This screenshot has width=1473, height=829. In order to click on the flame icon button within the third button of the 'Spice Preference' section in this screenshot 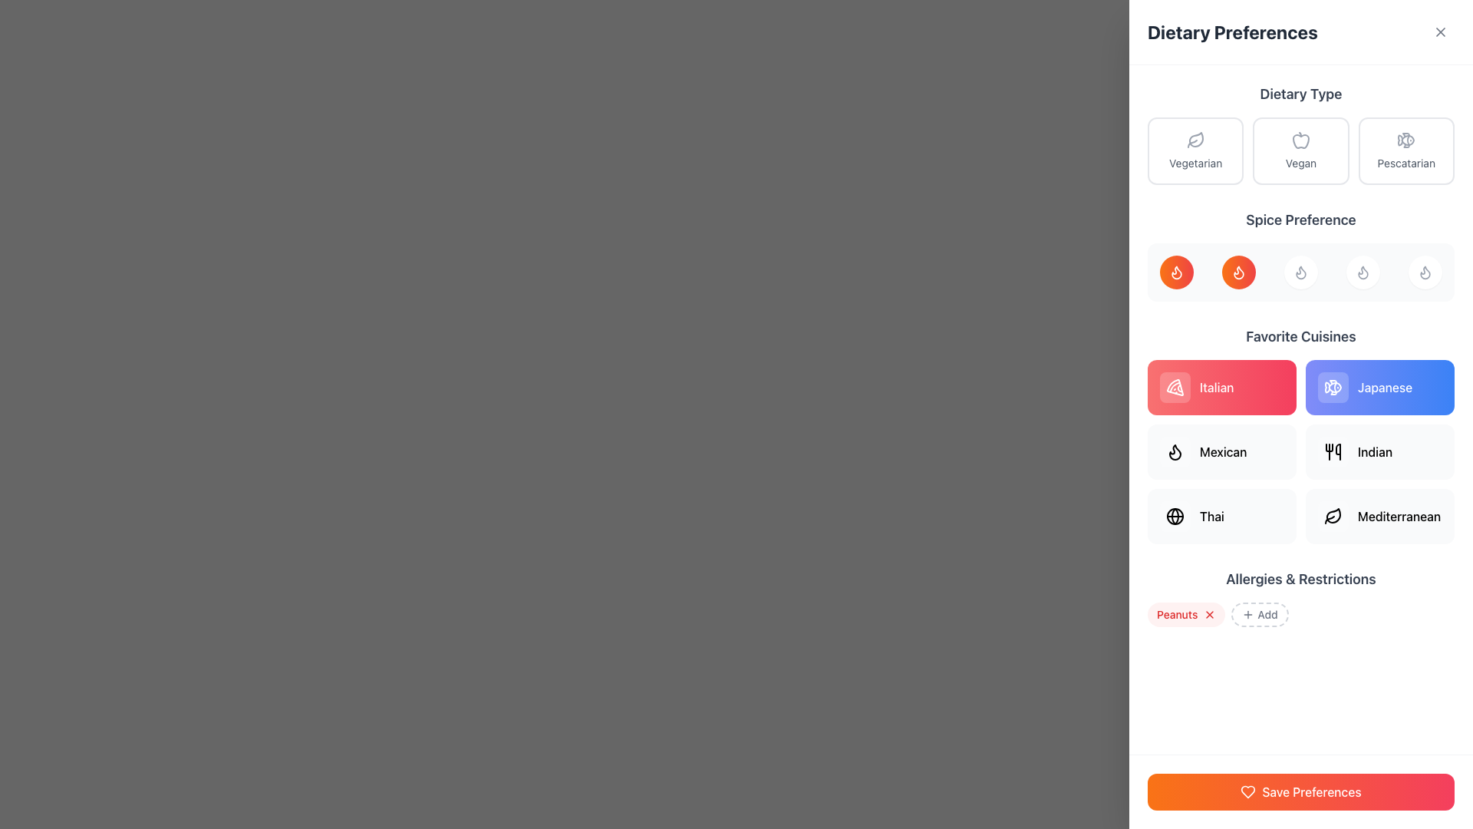, I will do `click(1363, 271)`.